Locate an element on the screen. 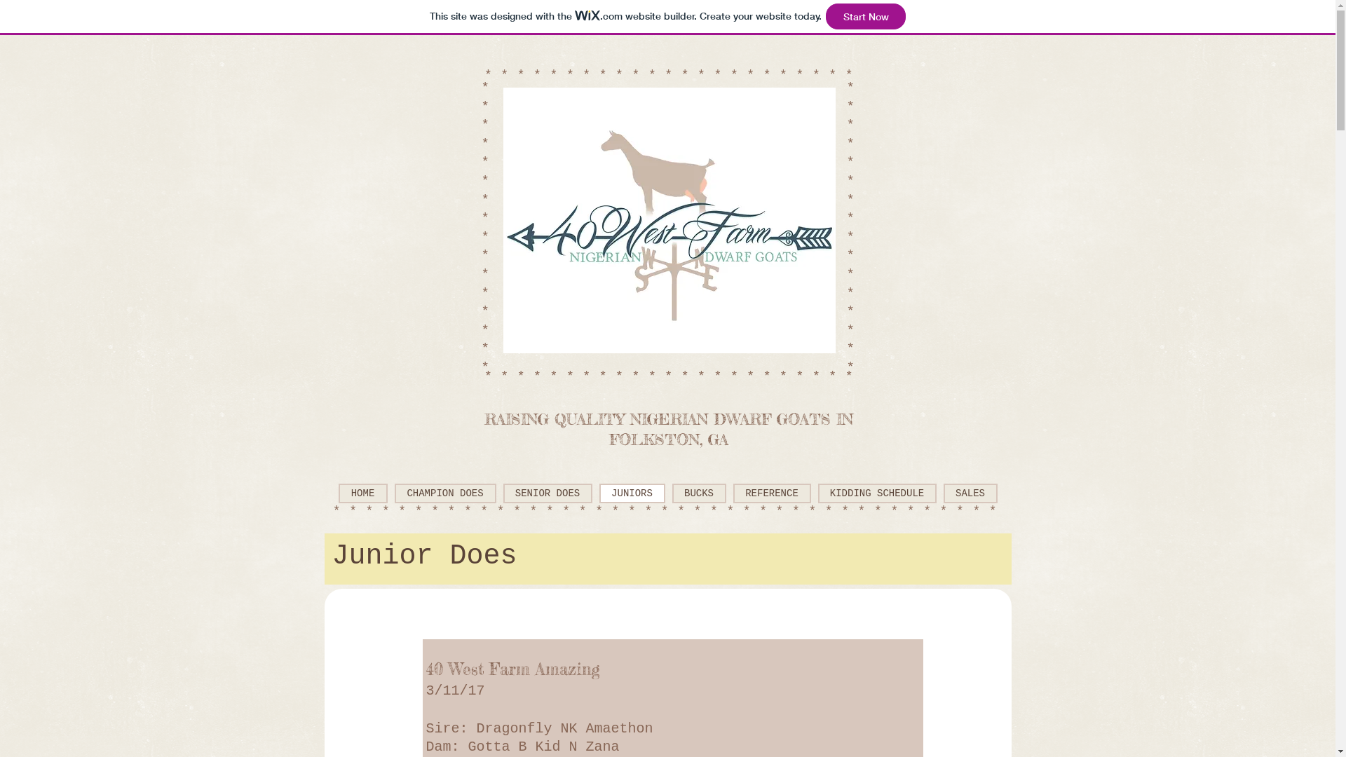  'REFERENCE' is located at coordinates (733, 493).